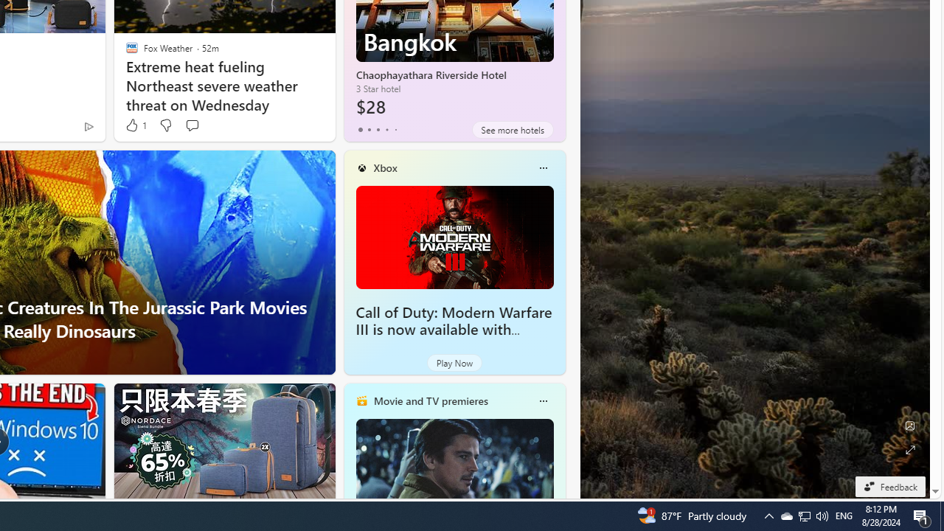  What do you see at coordinates (542, 400) in the screenshot?
I see `'Class: icon-img'` at bounding box center [542, 400].